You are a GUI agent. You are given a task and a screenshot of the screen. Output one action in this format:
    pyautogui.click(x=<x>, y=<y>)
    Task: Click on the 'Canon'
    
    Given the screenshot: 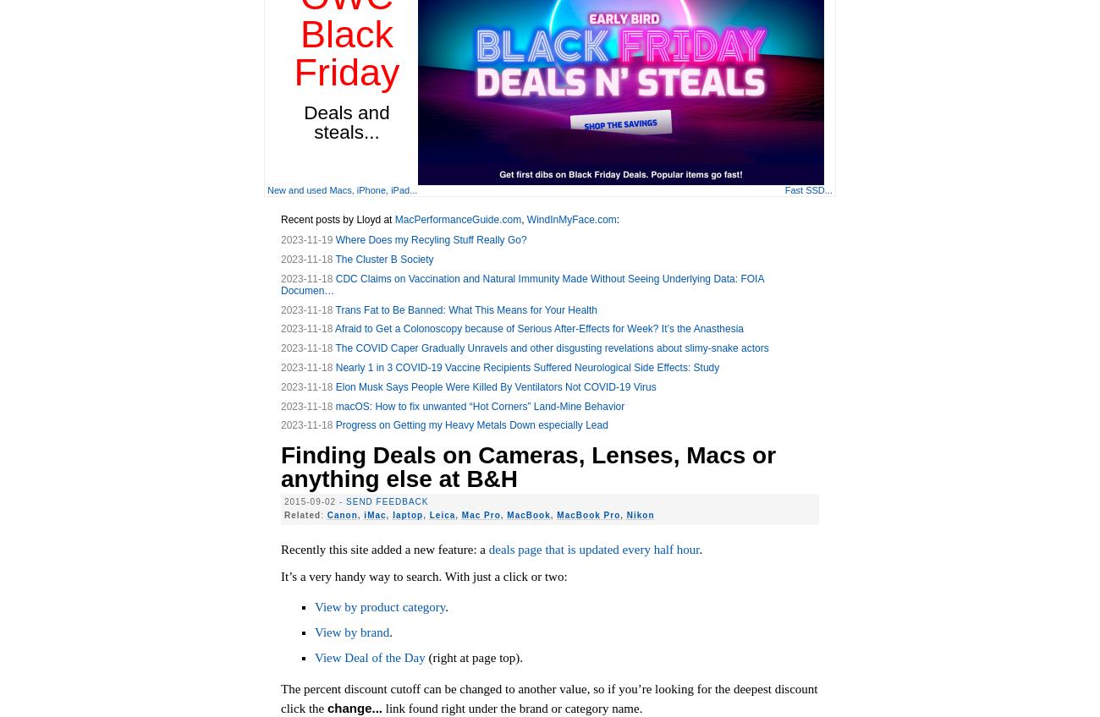 What is the action you would take?
    pyautogui.click(x=342, y=515)
    